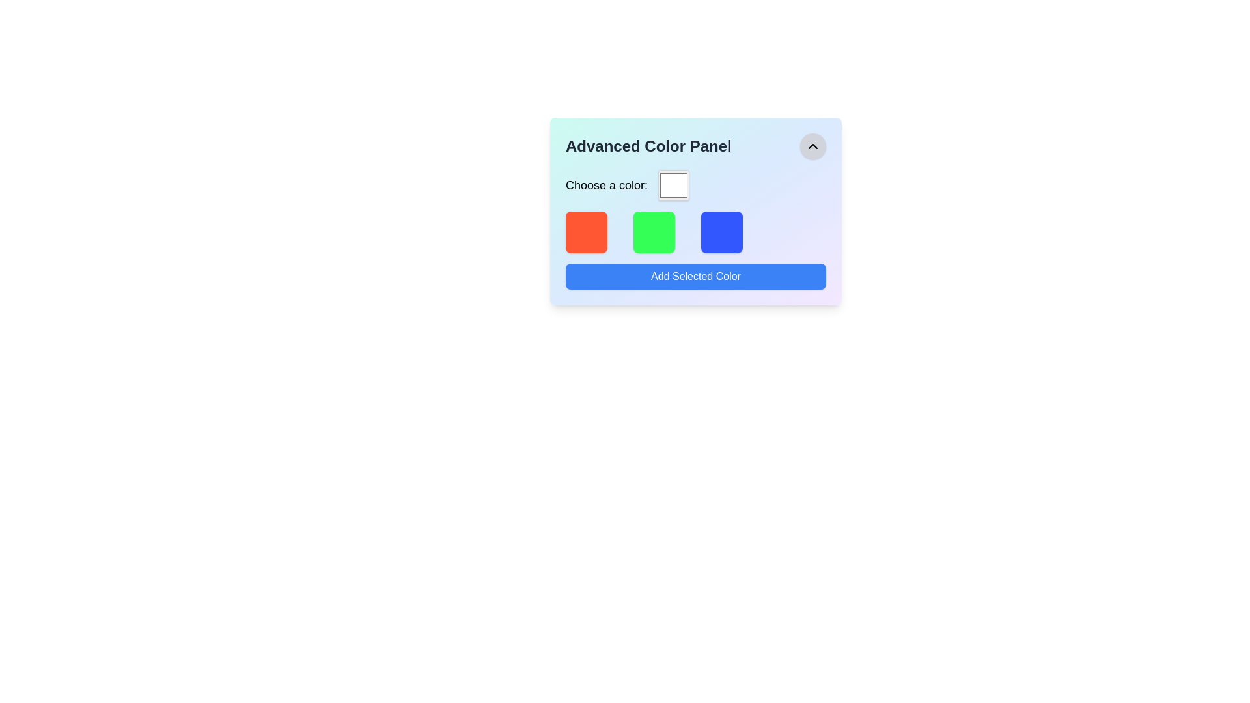  What do you see at coordinates (695, 229) in the screenshot?
I see `the color selection area located below the 'Advanced Color Panel' heading` at bounding box center [695, 229].